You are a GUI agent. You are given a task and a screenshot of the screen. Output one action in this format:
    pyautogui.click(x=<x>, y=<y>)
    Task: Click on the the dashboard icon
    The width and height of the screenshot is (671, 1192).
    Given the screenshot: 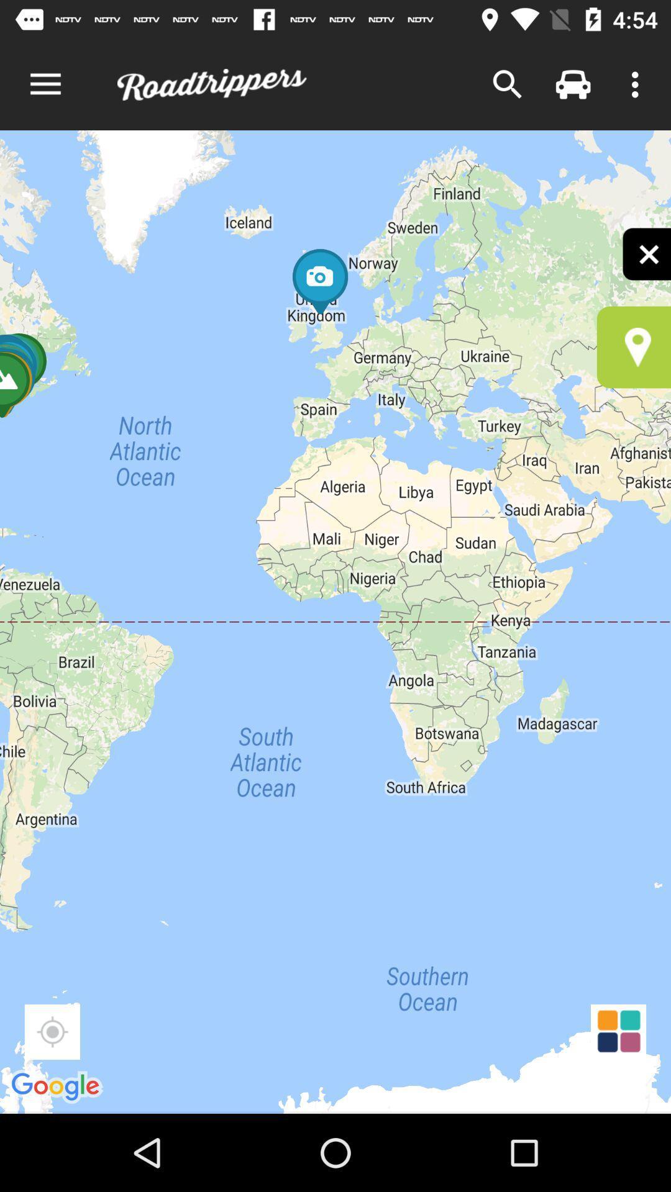 What is the action you would take?
    pyautogui.click(x=618, y=1032)
    